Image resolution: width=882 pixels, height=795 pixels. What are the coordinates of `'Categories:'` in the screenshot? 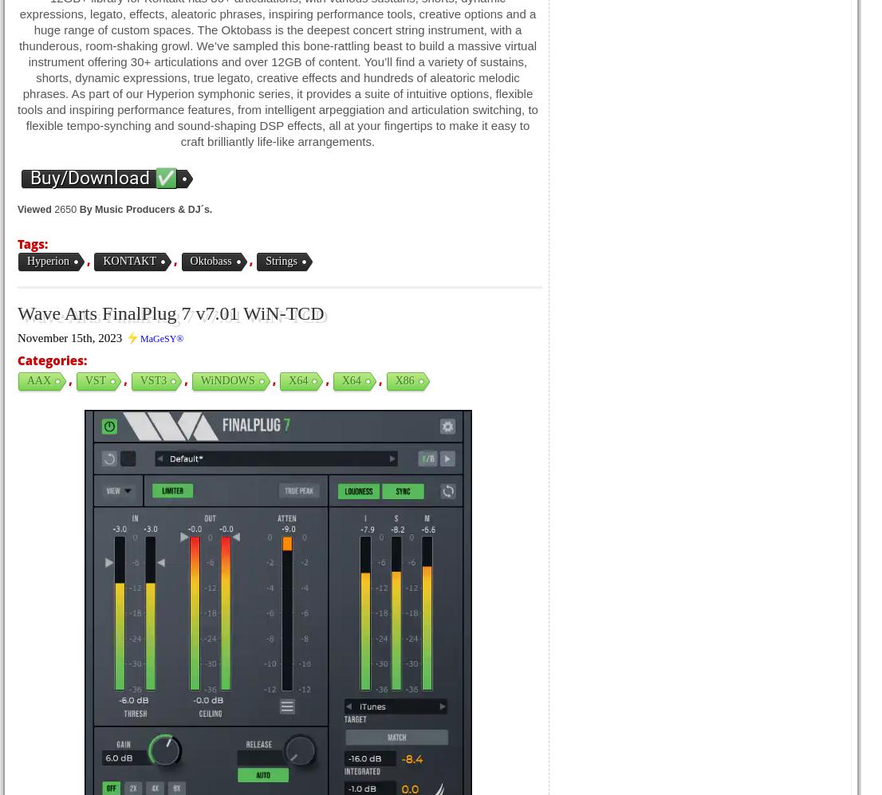 It's located at (18, 360).